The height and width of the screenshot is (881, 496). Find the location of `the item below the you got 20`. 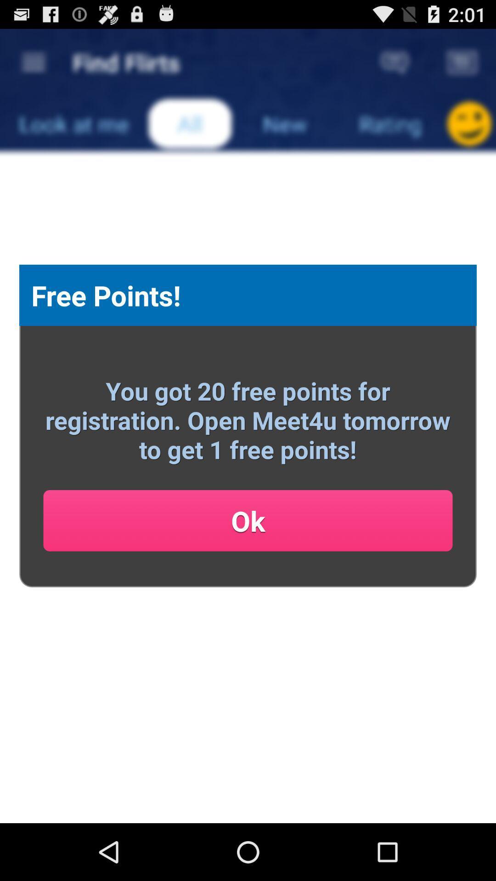

the item below the you got 20 is located at coordinates (248, 520).